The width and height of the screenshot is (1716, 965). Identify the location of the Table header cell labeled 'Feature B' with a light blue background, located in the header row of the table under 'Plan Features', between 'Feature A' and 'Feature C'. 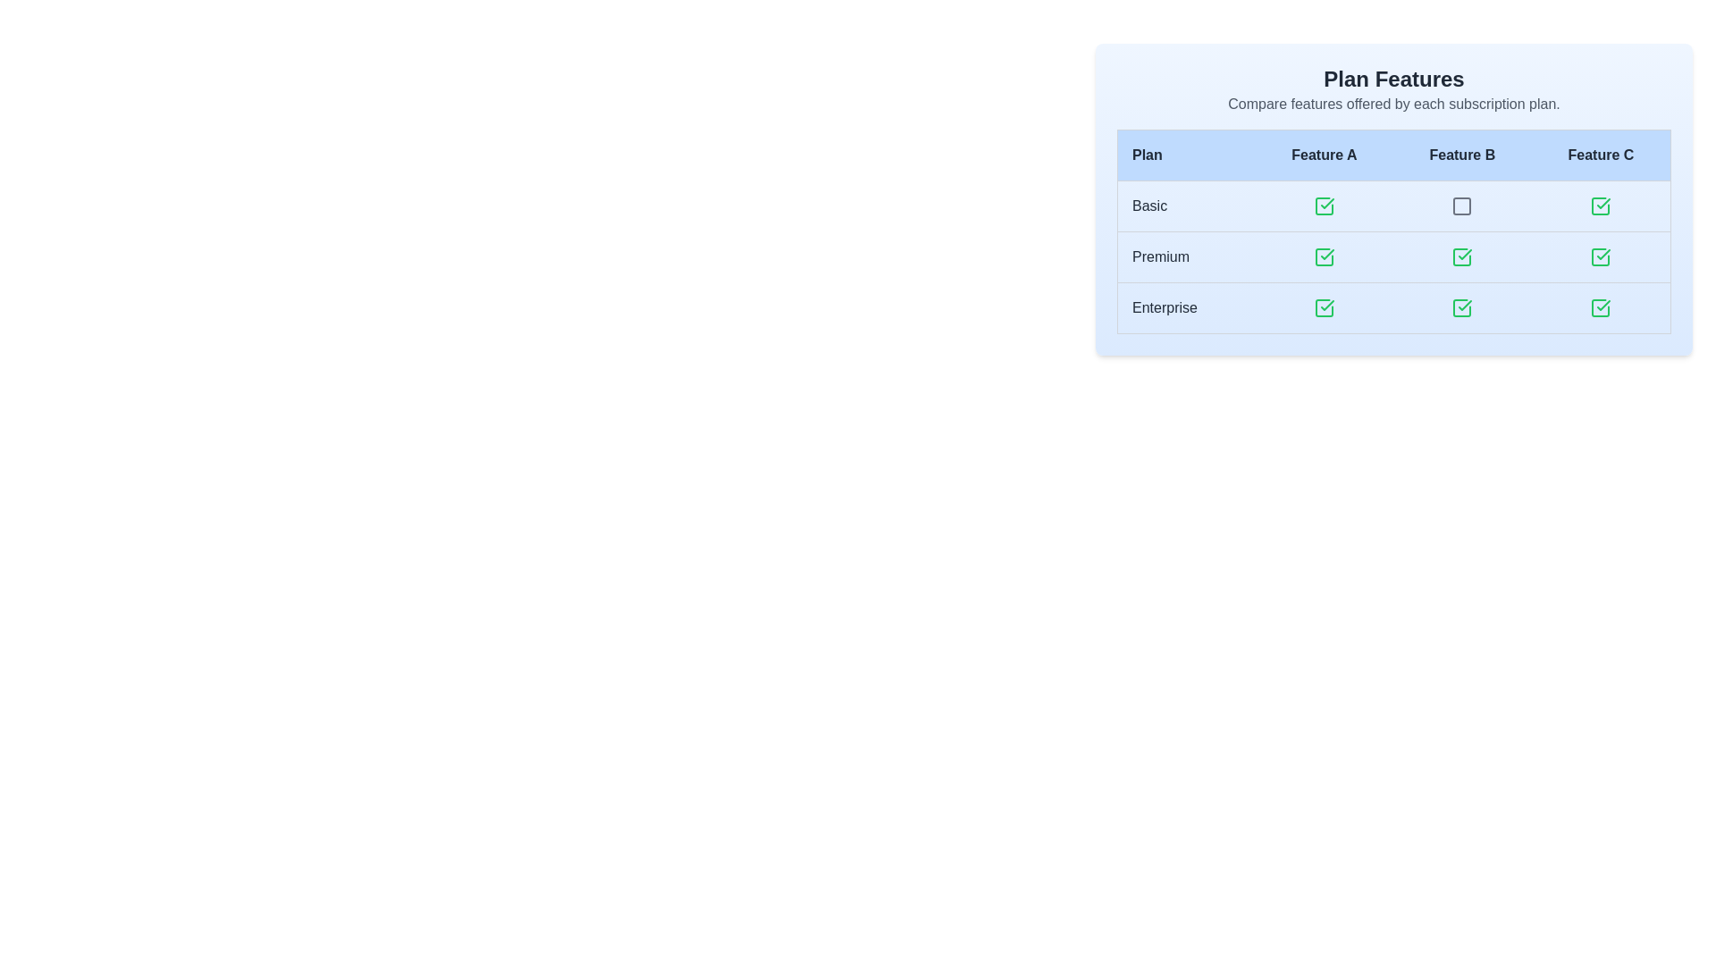
(1462, 154).